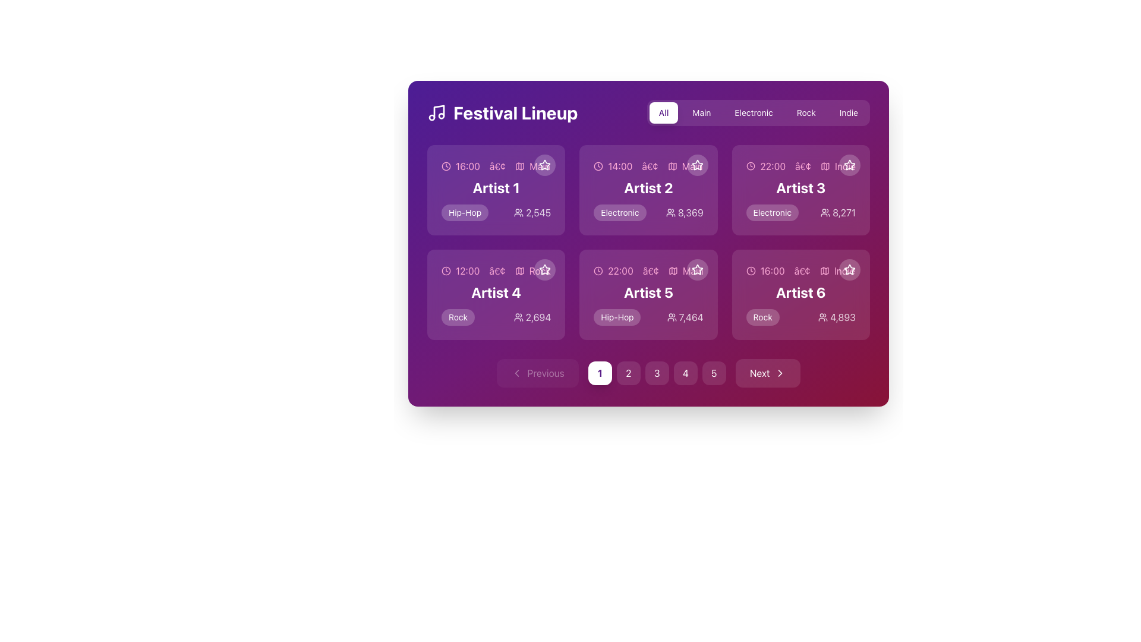  I want to click on the 'Previous' button with a dark translucent background and white text, so click(537, 373).